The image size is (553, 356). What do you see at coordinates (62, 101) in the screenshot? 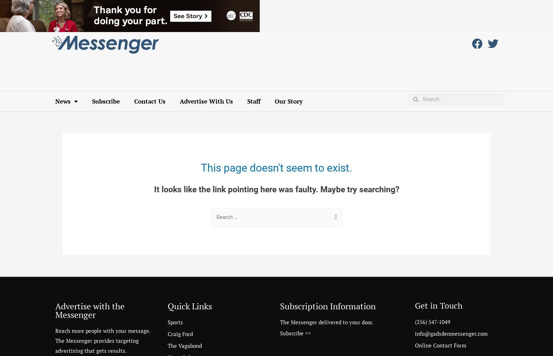
I see `'News'` at bounding box center [62, 101].